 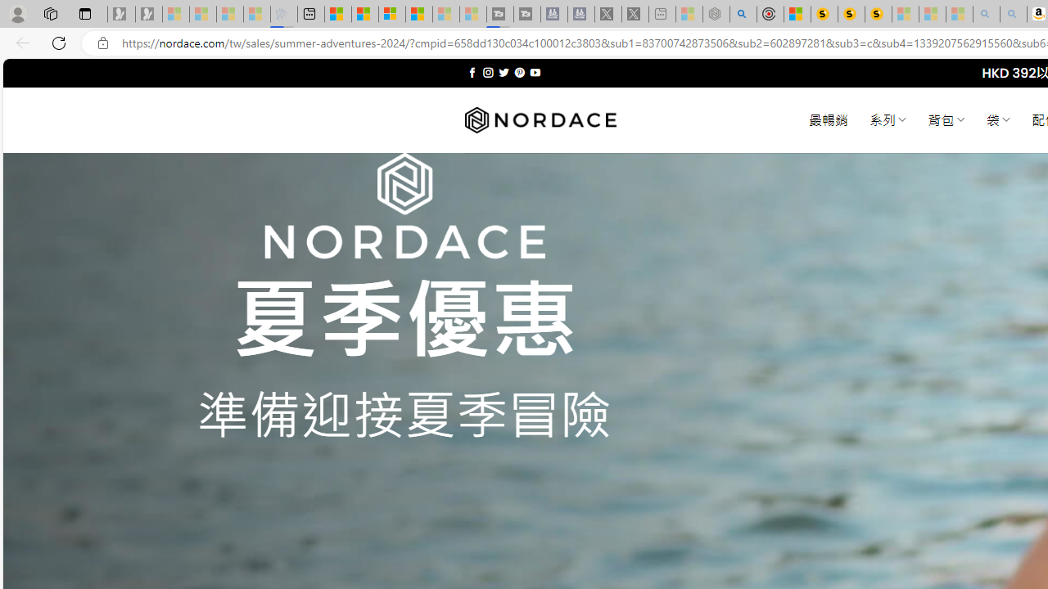 I want to click on 'Amazon Echo Dot PNG - Search Images - Sleeping', so click(x=1013, y=14).